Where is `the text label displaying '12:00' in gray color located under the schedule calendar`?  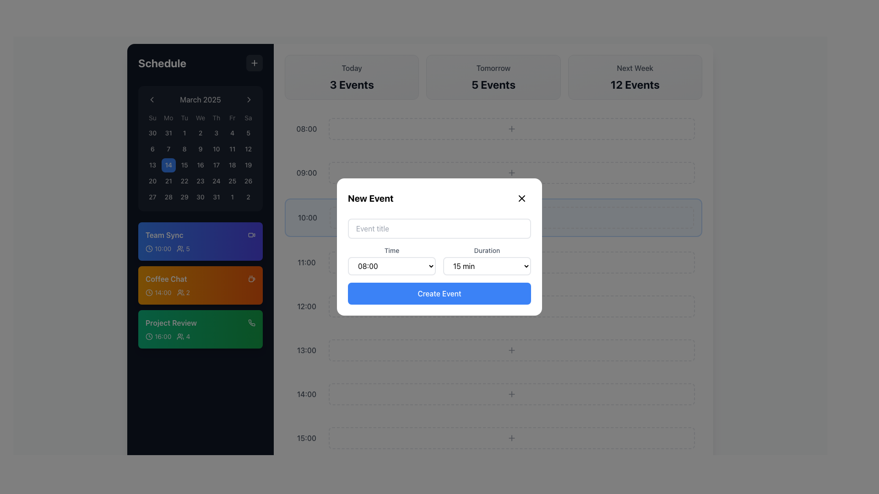
the text label displaying '12:00' in gray color located under the schedule calendar is located at coordinates (307, 306).